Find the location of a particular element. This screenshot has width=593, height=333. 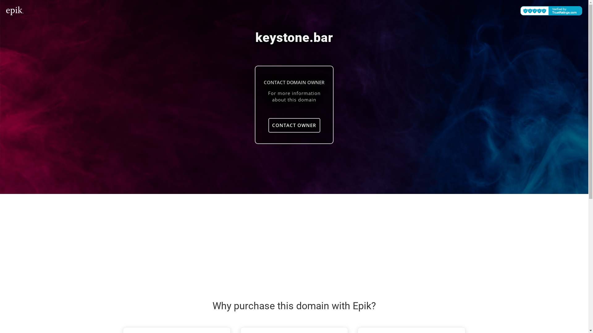

'CONTACT OWNER' is located at coordinates (268, 125).